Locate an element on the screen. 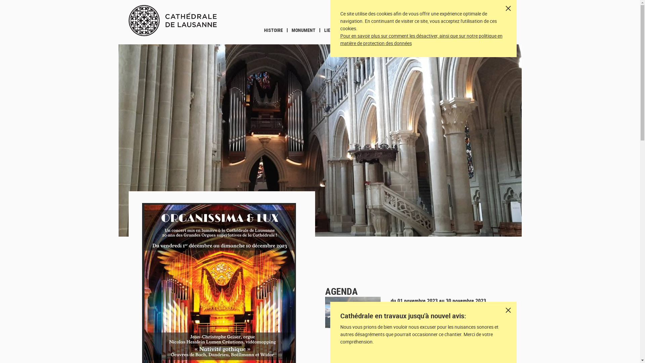  'HISTOIRE' is located at coordinates (273, 30).